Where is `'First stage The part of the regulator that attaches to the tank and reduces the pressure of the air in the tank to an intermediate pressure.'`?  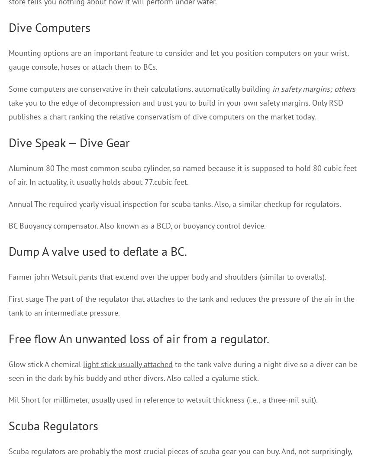 'First stage The part of the regulator that attaches to the tank and reduces the pressure of the air in the tank to an intermediate pressure.' is located at coordinates (181, 305).